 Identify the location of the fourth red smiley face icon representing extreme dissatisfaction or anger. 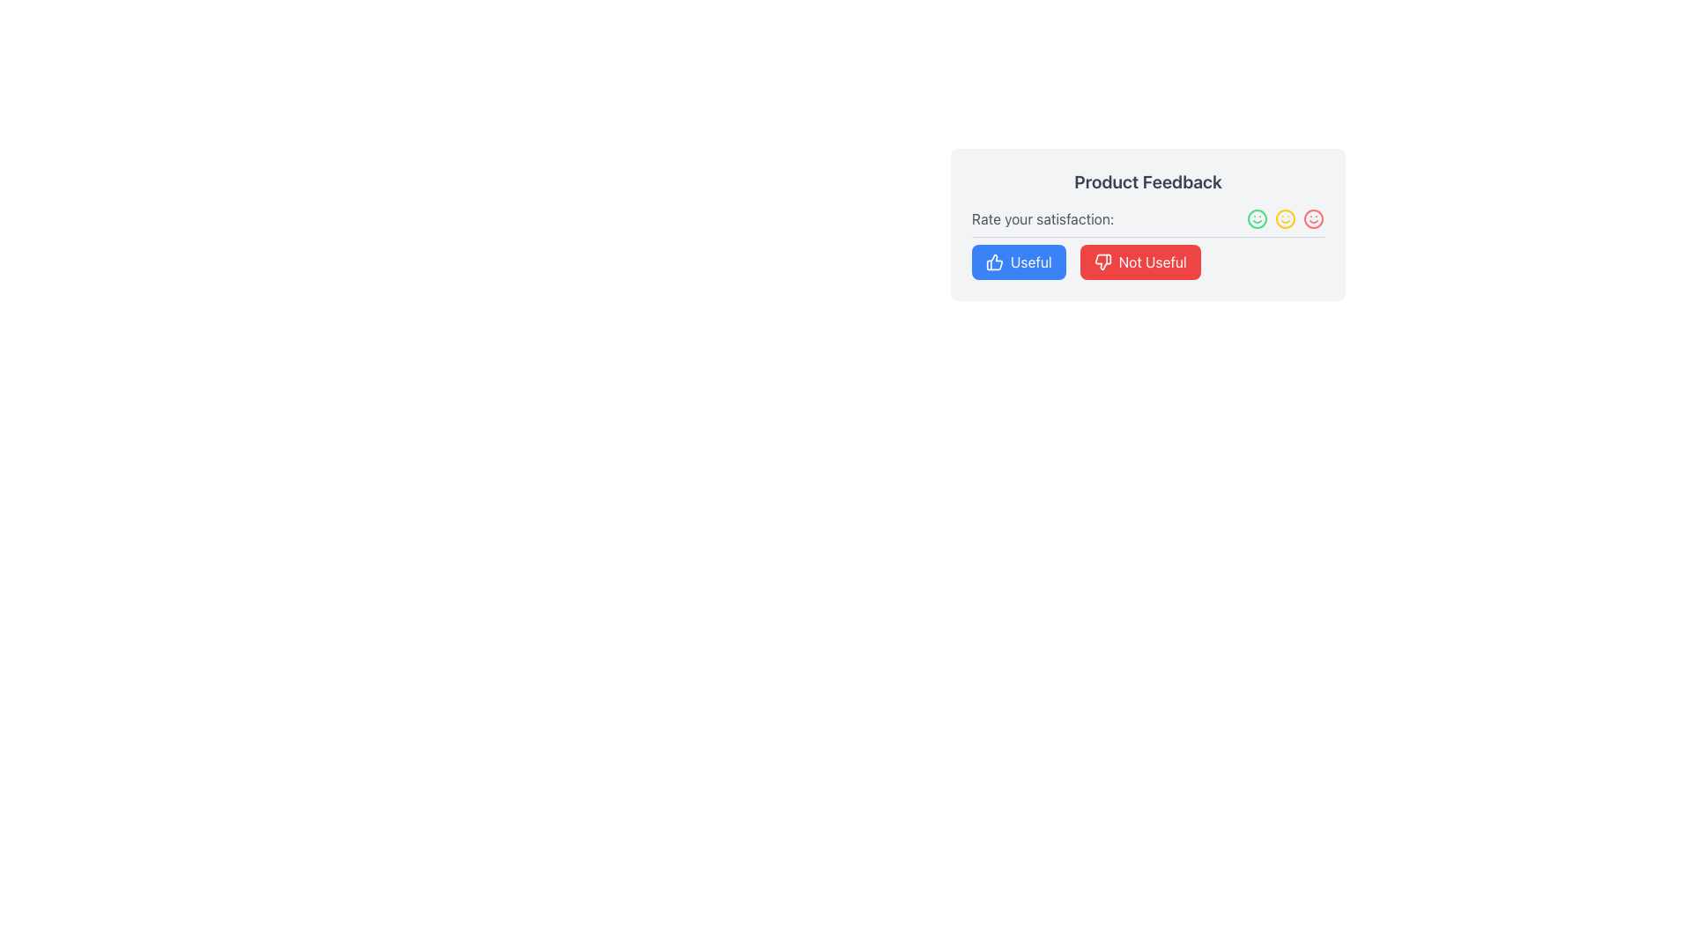
(1314, 218).